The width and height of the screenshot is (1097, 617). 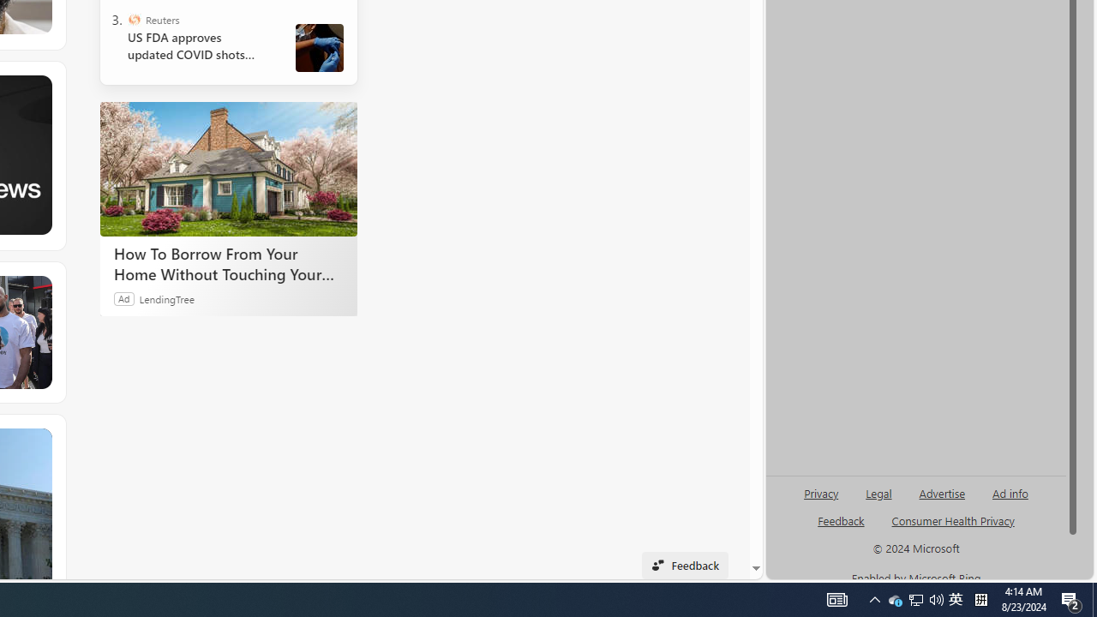 I want to click on 'AutomationID: sb_feedback', so click(x=841, y=519).